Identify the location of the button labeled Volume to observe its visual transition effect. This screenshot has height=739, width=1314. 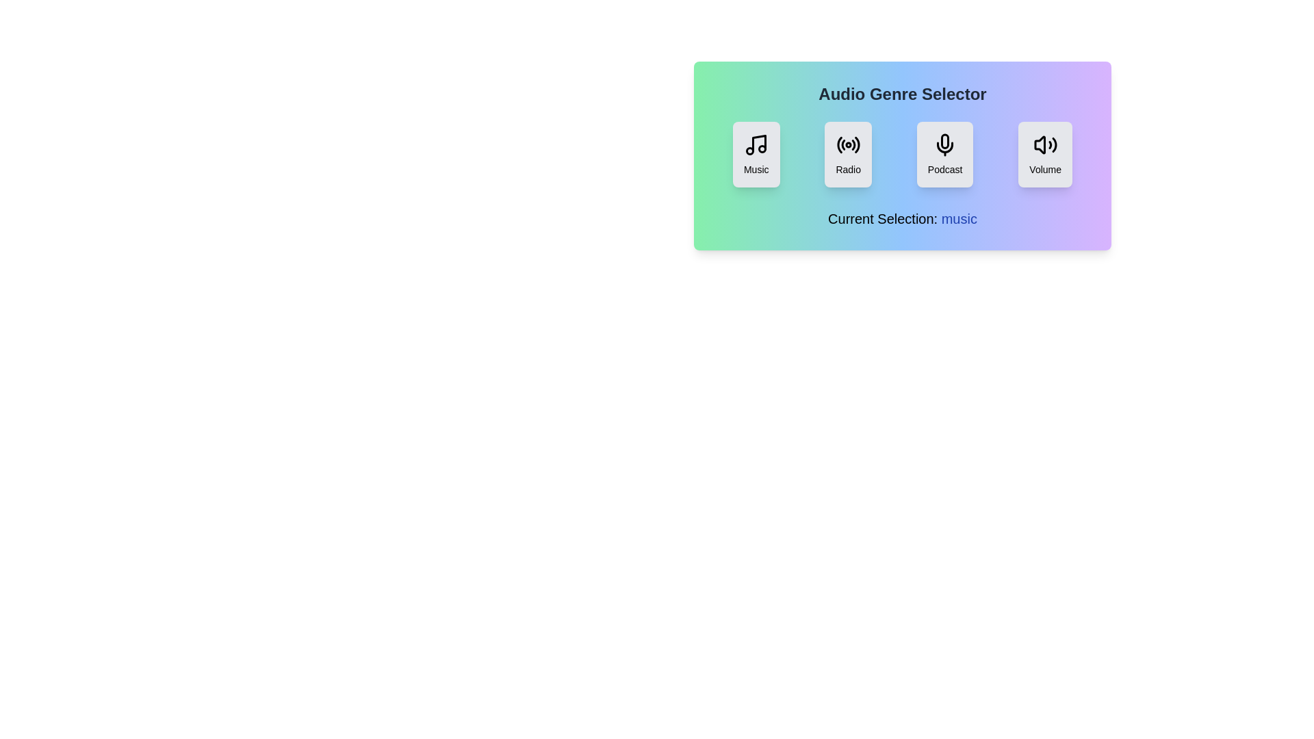
(1044, 154).